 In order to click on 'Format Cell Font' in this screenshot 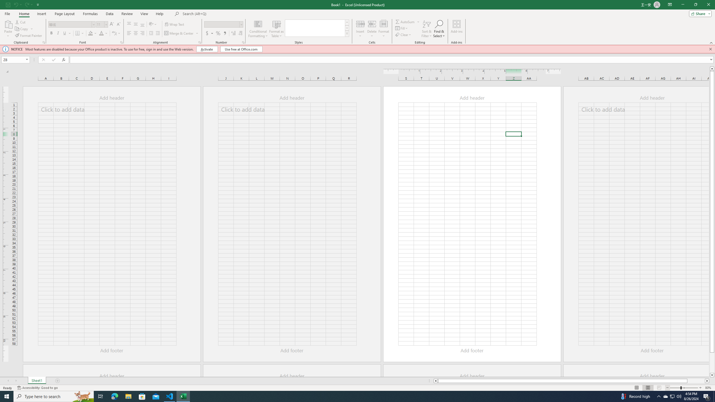, I will do `click(121, 42)`.